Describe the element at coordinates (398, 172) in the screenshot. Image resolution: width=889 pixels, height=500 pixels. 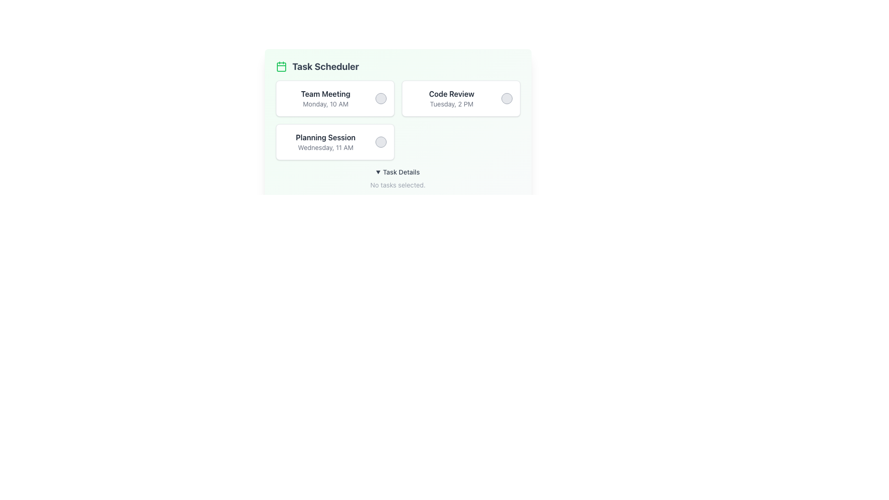
I see `the 'Task Details' Collapsible Header` at that location.